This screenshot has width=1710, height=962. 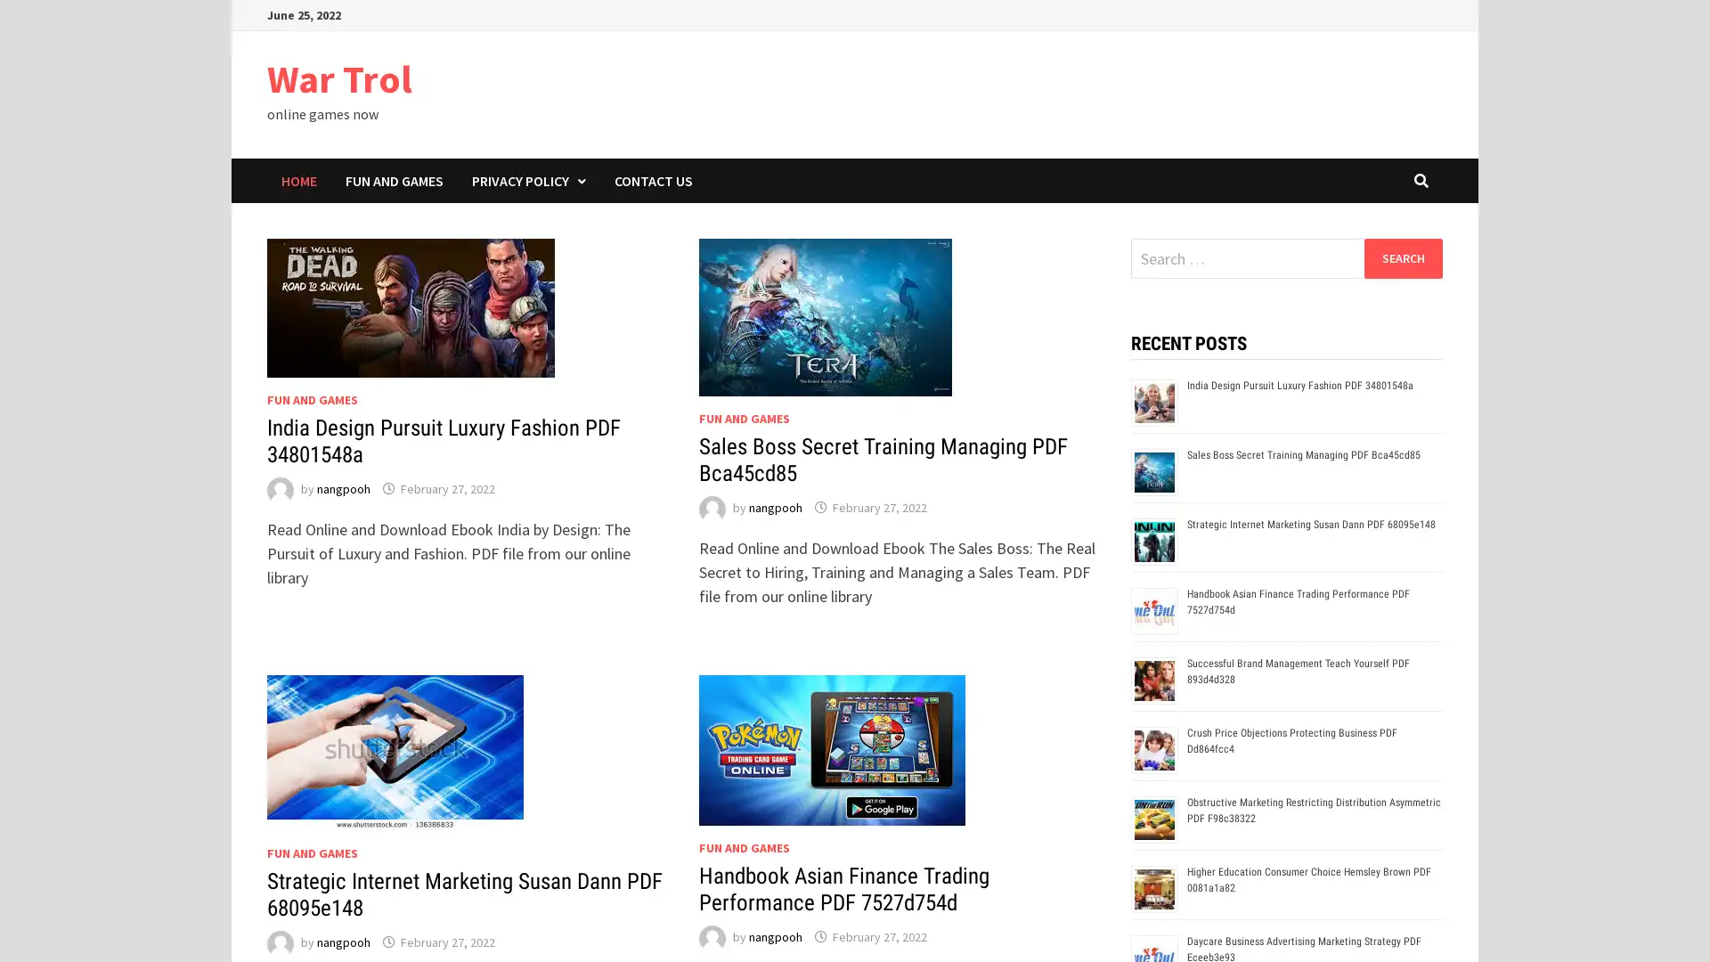 I want to click on Search, so click(x=1402, y=257).